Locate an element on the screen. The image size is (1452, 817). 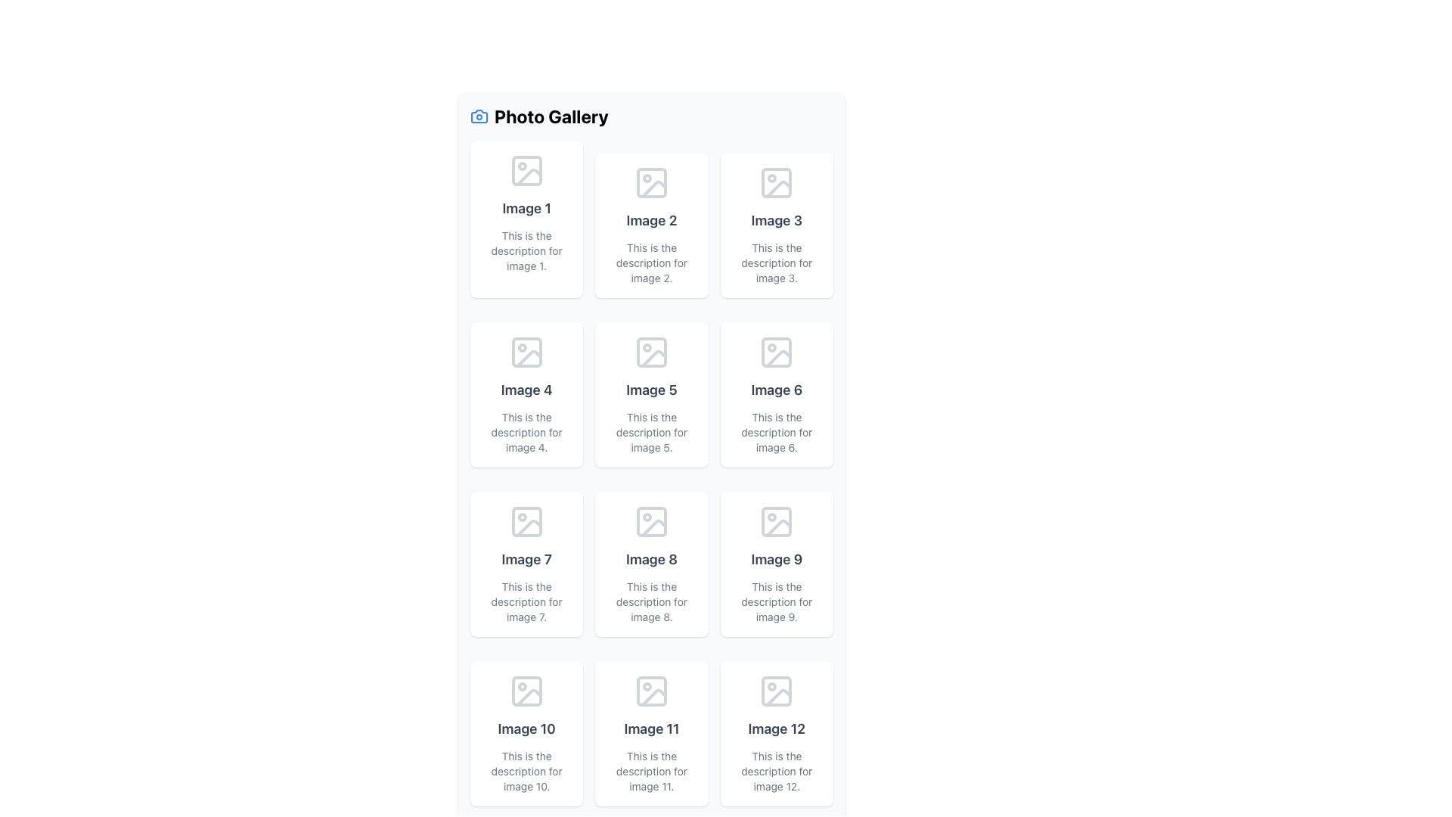
the text label that reads 'This is the description for image 10.' which is styled in gray color and located beneath the title 'Image 10' in the photo gallery grid is located at coordinates (526, 771).